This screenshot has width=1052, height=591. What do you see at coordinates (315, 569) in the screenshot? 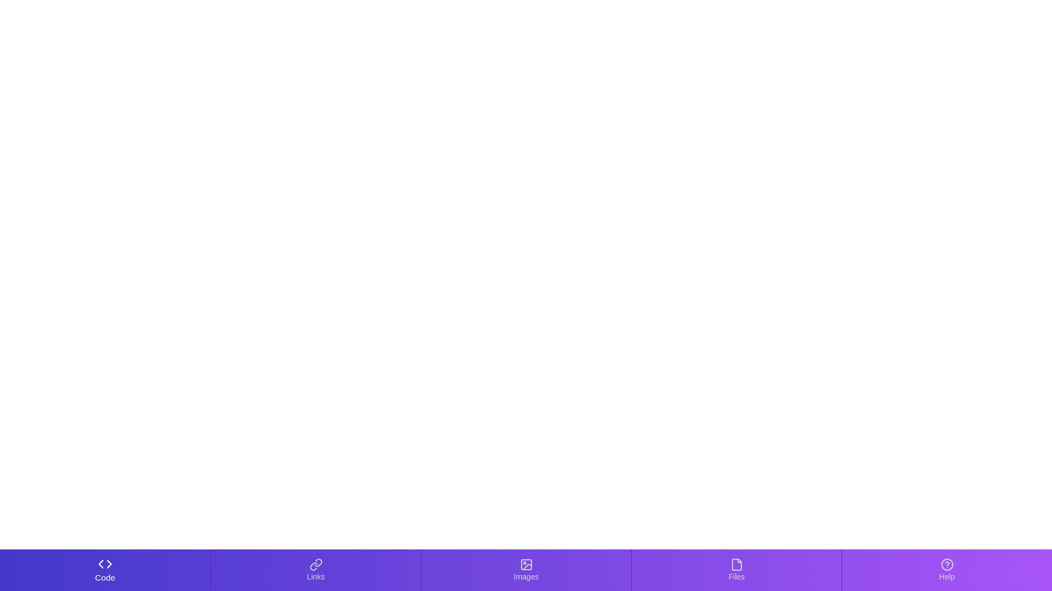
I see `the Links tab to activate it` at bounding box center [315, 569].